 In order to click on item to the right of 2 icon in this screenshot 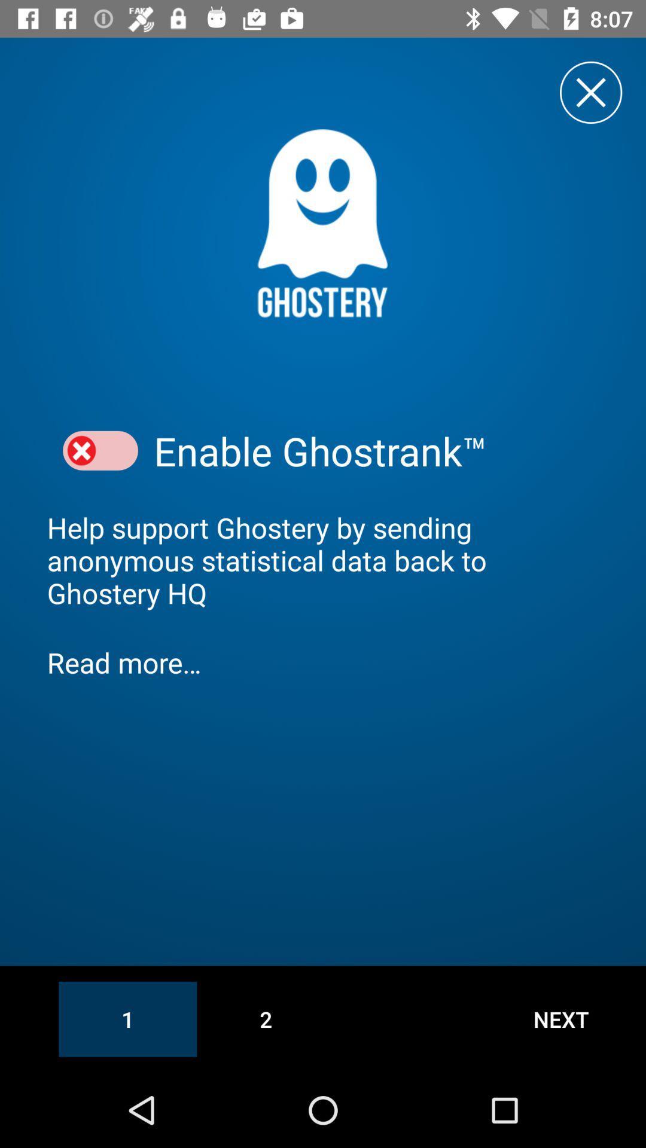, I will do `click(561, 1018)`.